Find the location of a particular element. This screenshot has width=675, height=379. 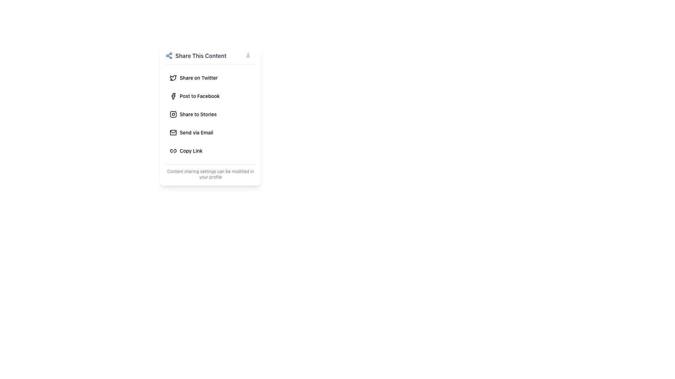

the Twitter sharing icon, which is located immediately to the left of the text 'Share on Twitter' is located at coordinates (173, 78).